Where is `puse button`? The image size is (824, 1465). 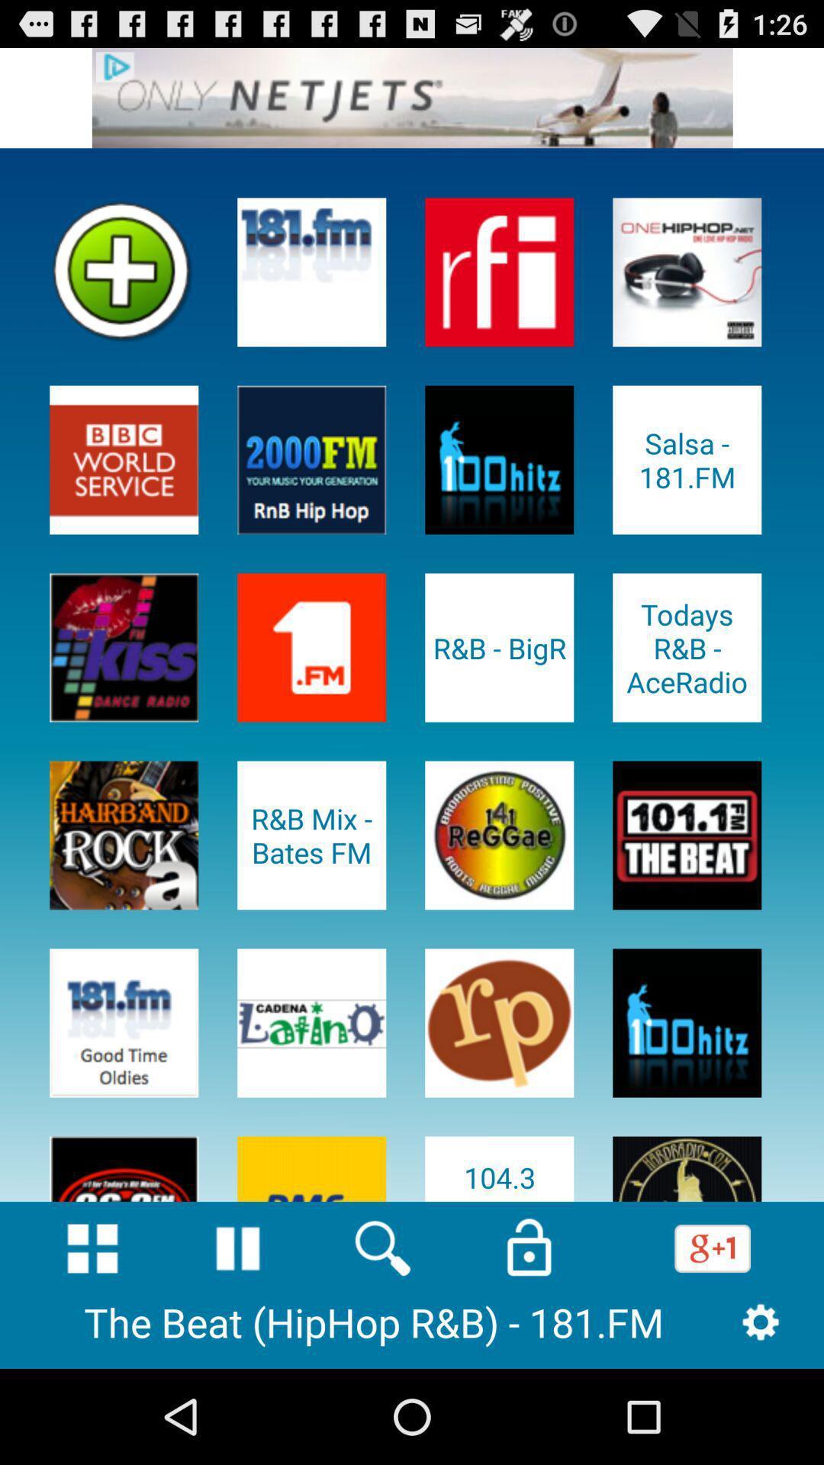
puse button is located at coordinates (238, 1248).